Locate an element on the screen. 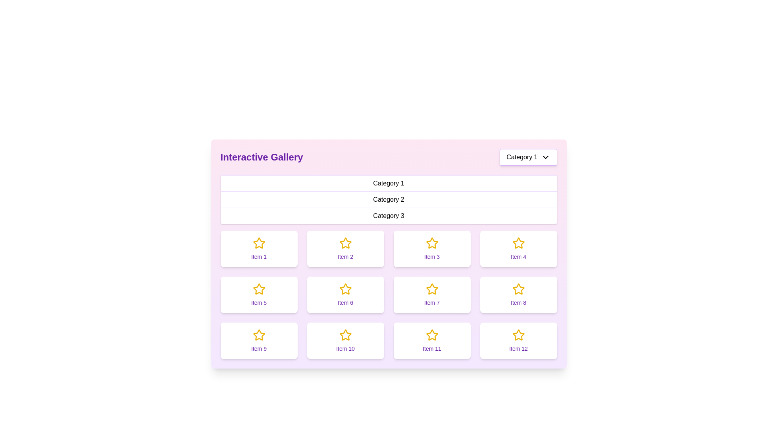  the display card component representing 'Item 12' in the grid layout, located in the 4th column of the 3rd row is located at coordinates (518, 340).